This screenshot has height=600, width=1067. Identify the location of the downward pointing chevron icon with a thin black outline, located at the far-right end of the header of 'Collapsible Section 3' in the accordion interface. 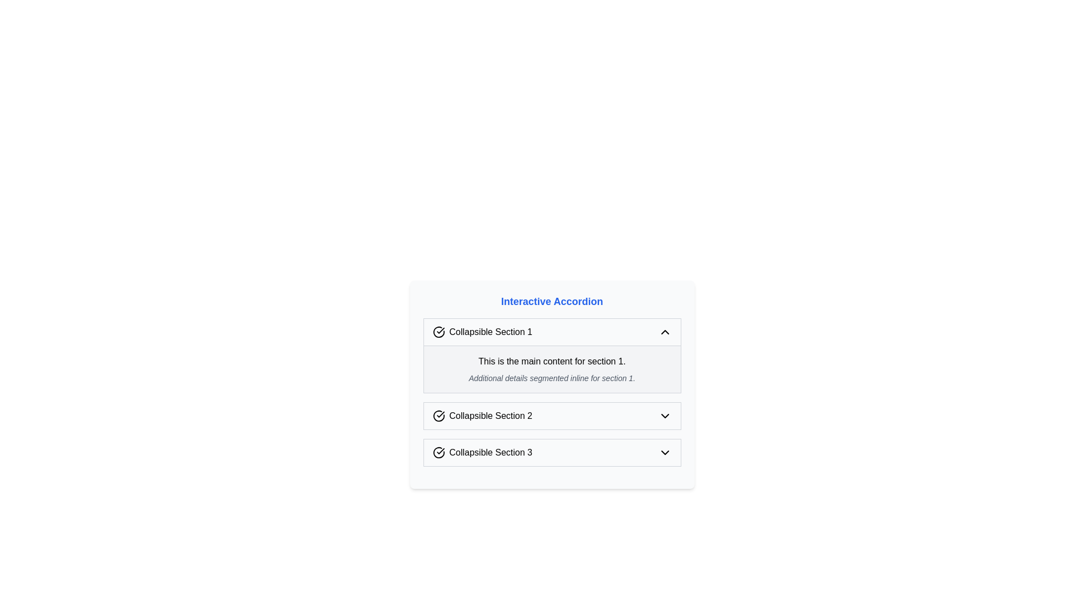
(665, 452).